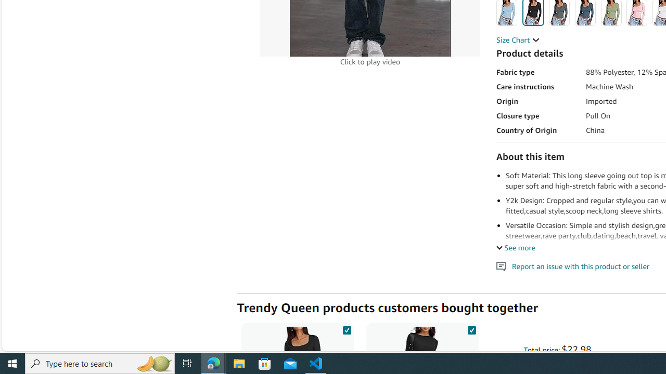  Describe the element at coordinates (518, 39) in the screenshot. I see `'Size Chart '` at that location.